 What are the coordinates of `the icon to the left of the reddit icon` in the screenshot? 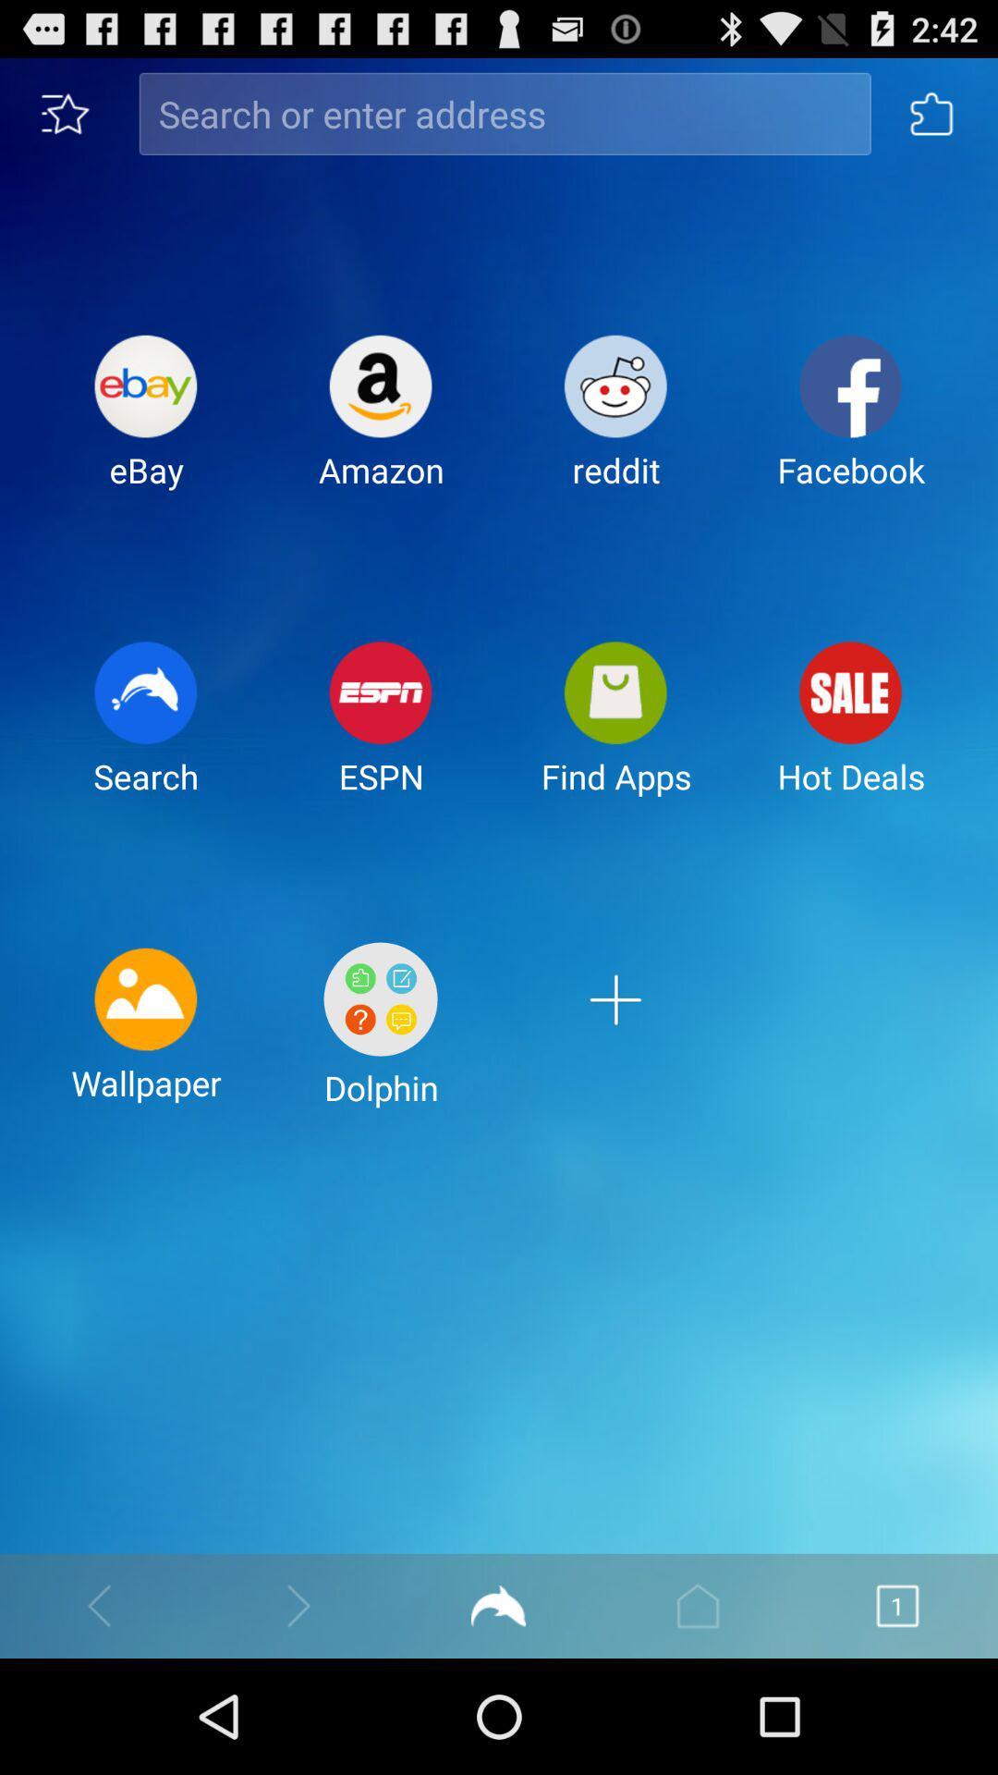 It's located at (380, 425).